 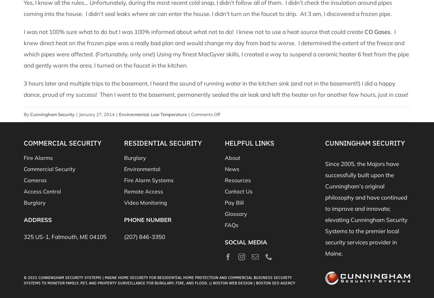 What do you see at coordinates (27, 114) in the screenshot?
I see `'By'` at bounding box center [27, 114].